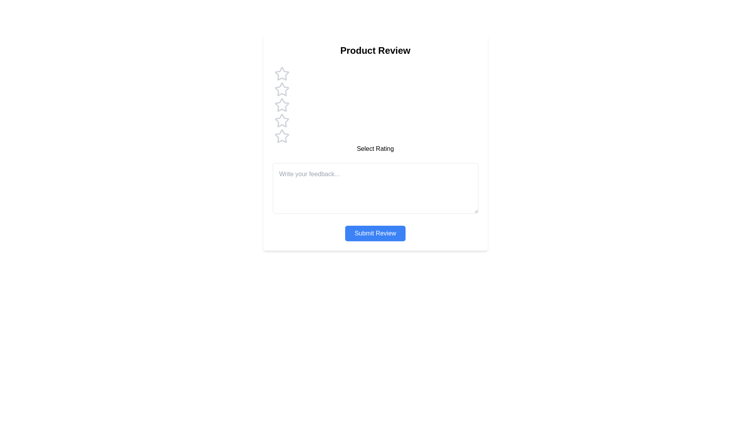 The width and height of the screenshot is (748, 421). Describe the element at coordinates (375, 149) in the screenshot. I see `the static text label displaying 'Select Rating', which is positioned below the star rating icons and above the feedback text input field` at that location.